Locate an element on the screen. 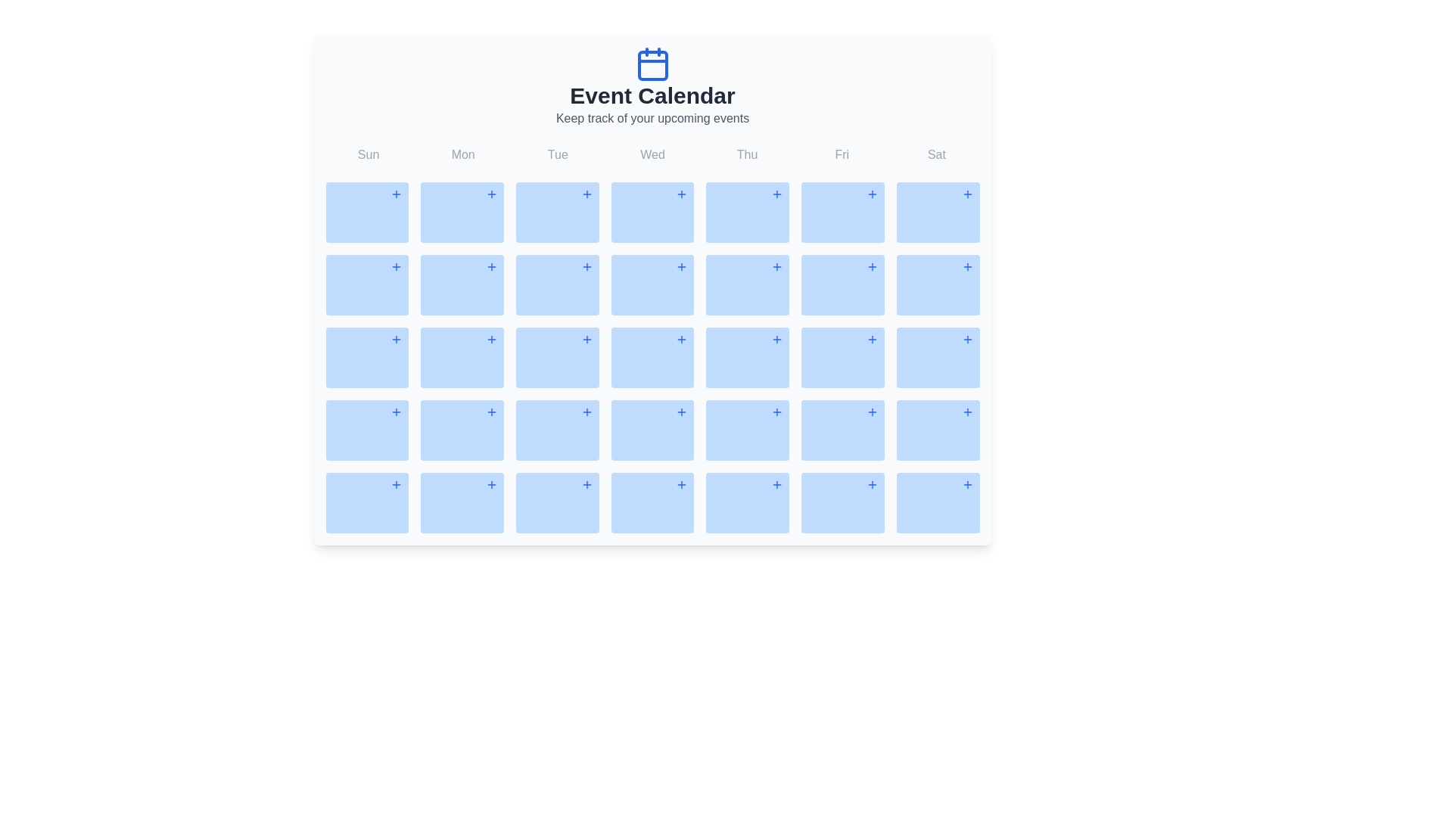 The width and height of the screenshot is (1453, 817). the Icon button located in the top-right corner of the calendar day cell in the second row and first column is located at coordinates (397, 338).